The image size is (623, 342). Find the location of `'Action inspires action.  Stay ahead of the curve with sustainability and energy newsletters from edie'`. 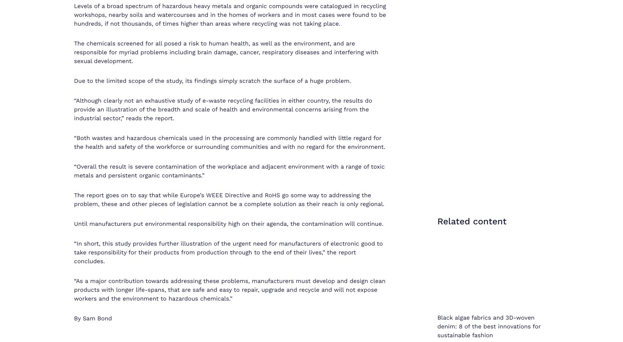

'Action inspires action.  Stay ahead of the curve with sustainability and energy newsletters from edie' is located at coordinates (311, 43).